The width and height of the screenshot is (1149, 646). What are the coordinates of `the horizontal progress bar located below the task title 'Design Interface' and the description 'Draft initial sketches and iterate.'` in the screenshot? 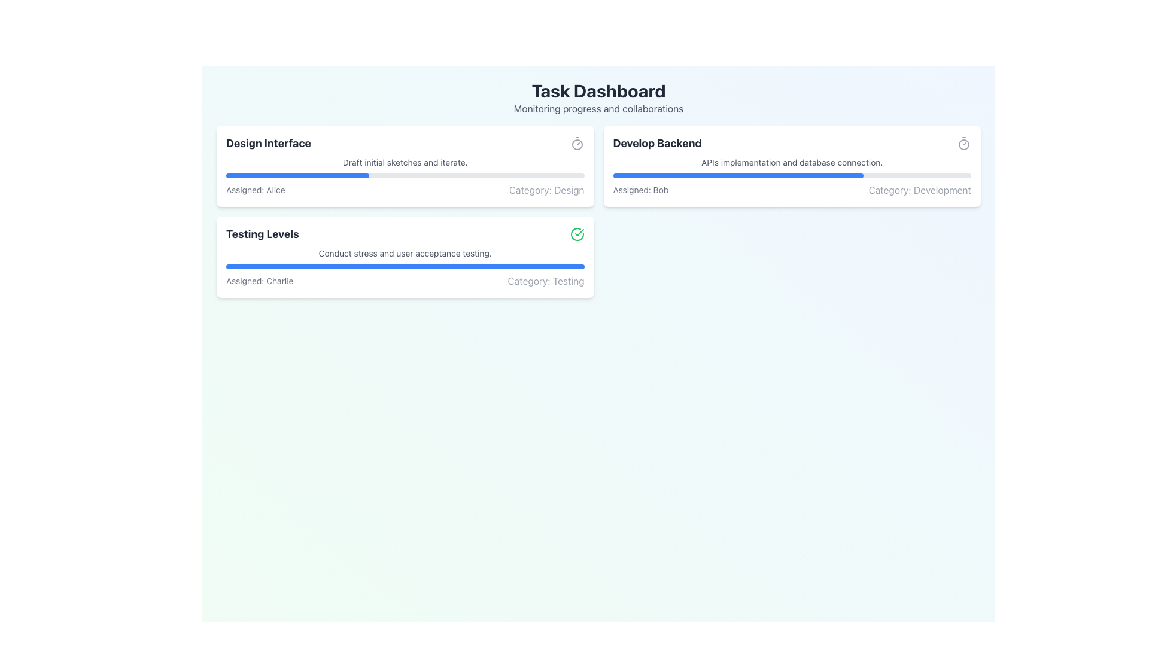 It's located at (405, 175).